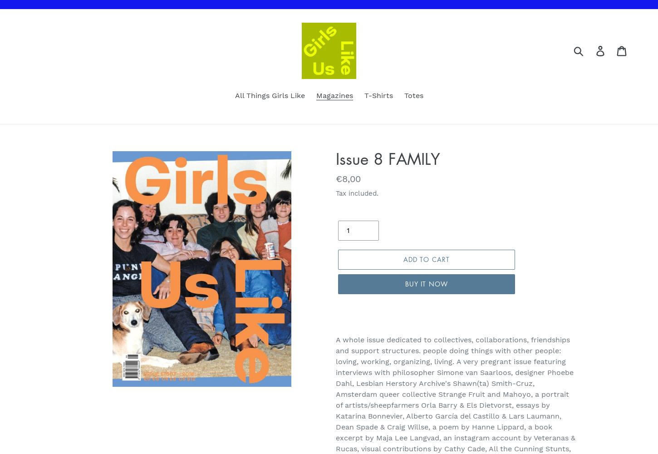 This screenshot has height=454, width=658. I want to click on 'Totes', so click(413, 95).